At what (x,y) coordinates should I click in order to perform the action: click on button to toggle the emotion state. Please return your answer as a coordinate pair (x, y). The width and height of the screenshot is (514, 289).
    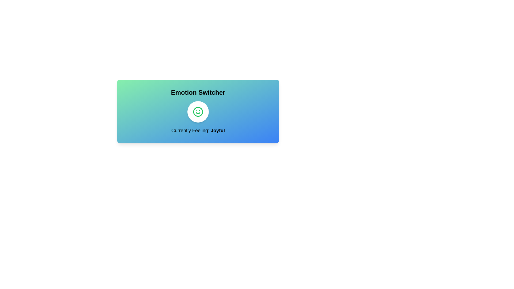
    Looking at the image, I should click on (198, 111).